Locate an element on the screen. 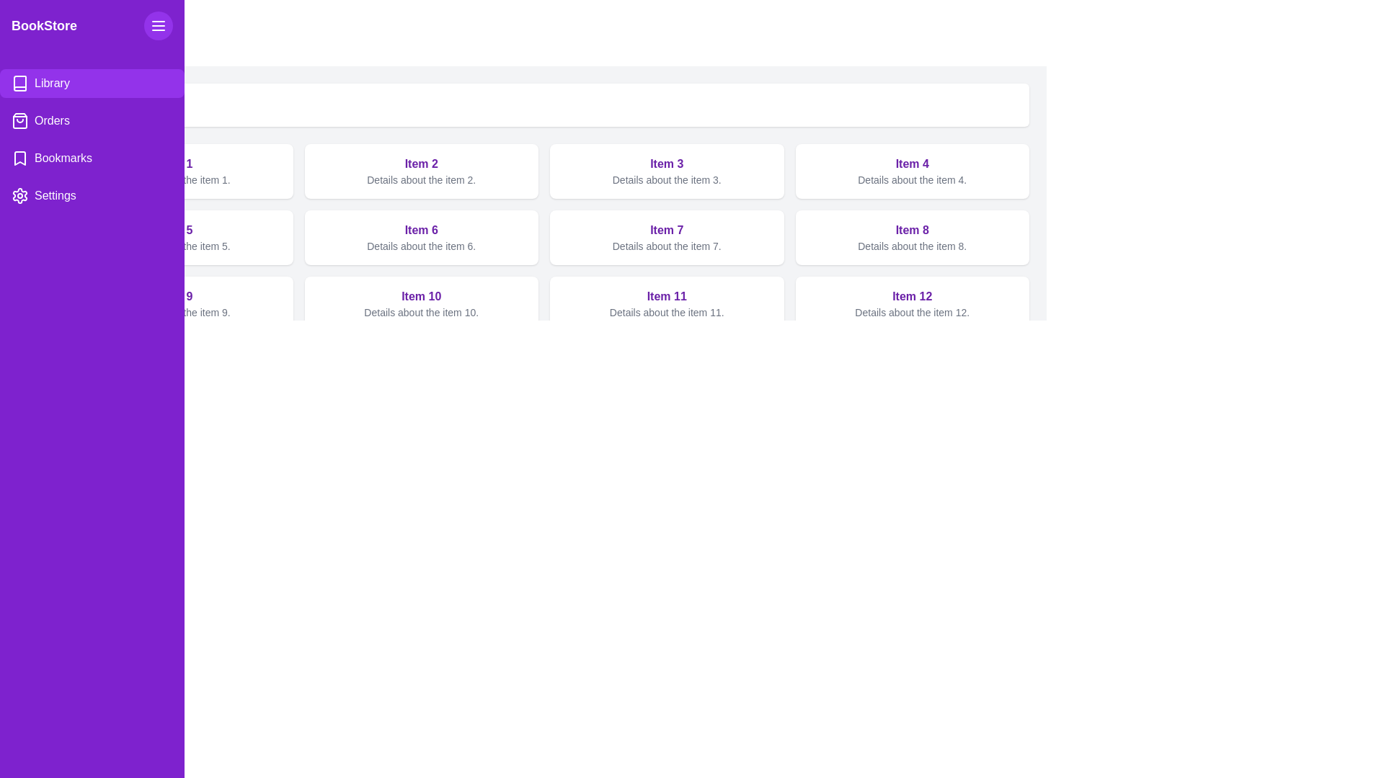 The image size is (1384, 778). the 'Library' text label in the navigation menu, which is located in the second row of the sidebar items, aligned horizontally to the right of a book icon, and part of a rounded purple button group is located at coordinates (52, 83).